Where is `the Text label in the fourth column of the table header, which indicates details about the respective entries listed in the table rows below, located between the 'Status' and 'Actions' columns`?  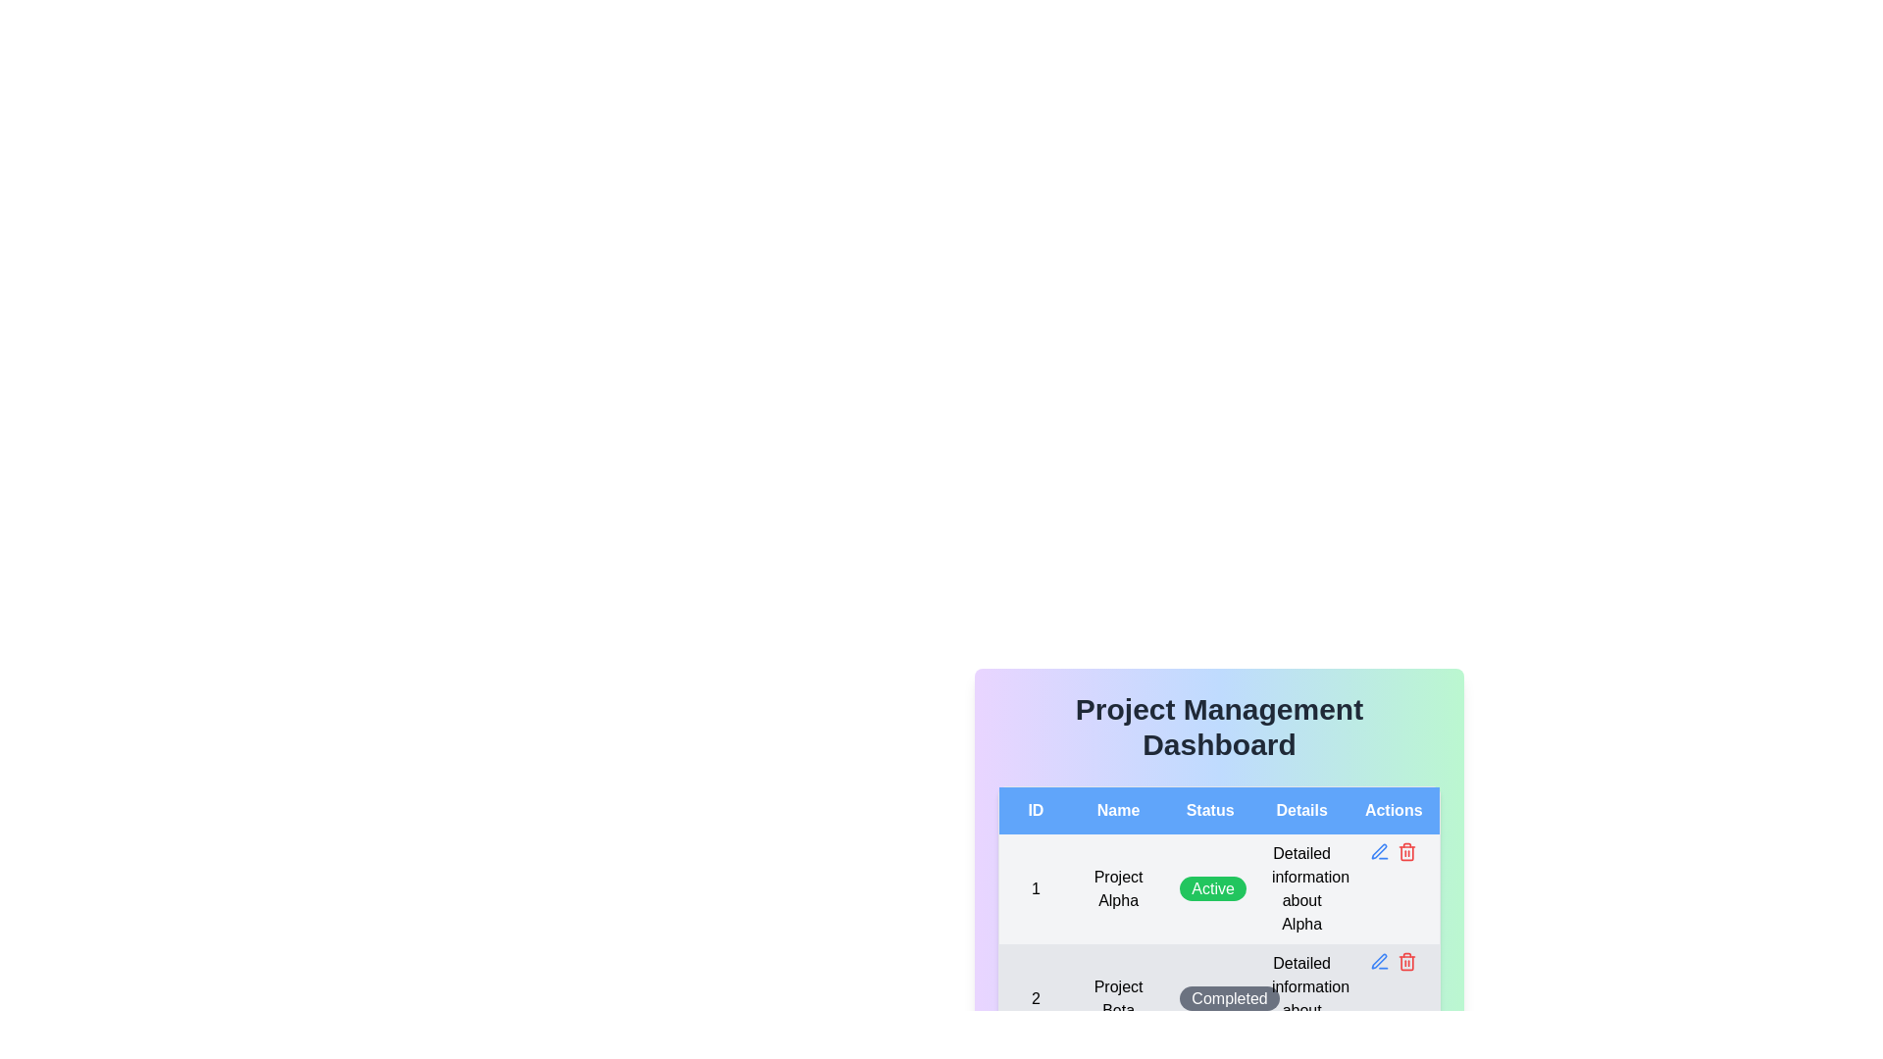
the Text label in the fourth column of the table header, which indicates details about the respective entries listed in the table rows below, located between the 'Status' and 'Actions' columns is located at coordinates (1301, 810).